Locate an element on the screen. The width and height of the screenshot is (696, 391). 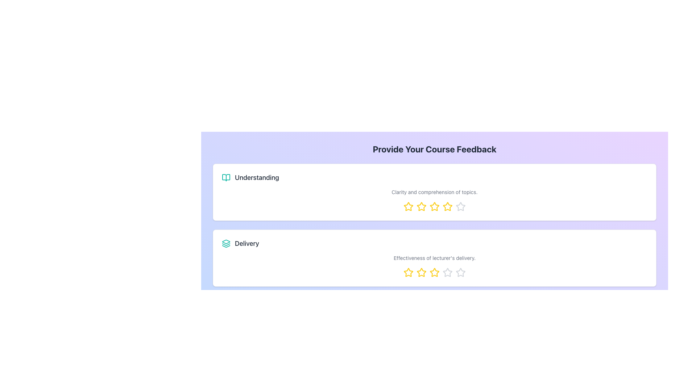
the icon composed of layered shapes in light teal green color, located next to the heading labeled 'Delivery' is located at coordinates (226, 243).